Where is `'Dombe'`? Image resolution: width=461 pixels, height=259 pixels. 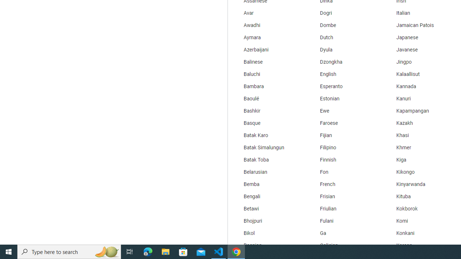
'Dombe' is located at coordinates (344, 25).